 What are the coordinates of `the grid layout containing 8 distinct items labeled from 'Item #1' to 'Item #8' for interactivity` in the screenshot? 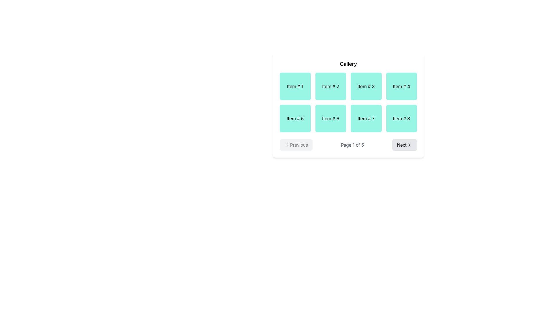 It's located at (348, 102).